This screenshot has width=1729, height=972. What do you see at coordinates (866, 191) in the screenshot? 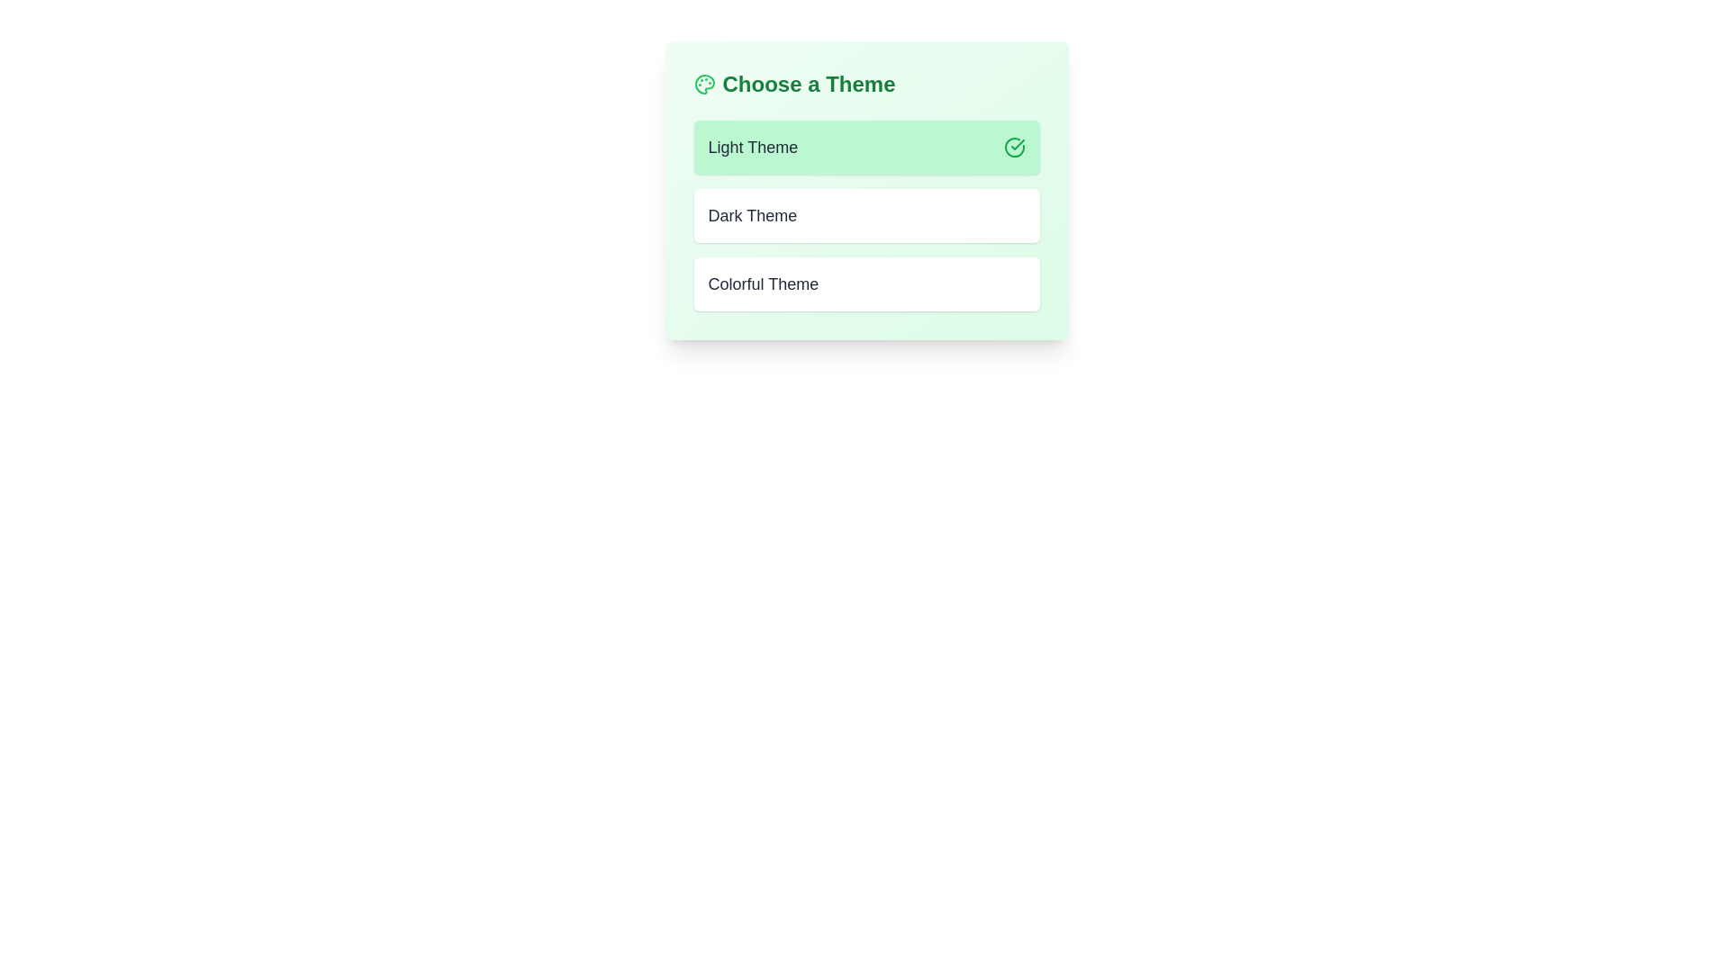
I see `the 'Dark Theme' selection option in the theme selection interface` at bounding box center [866, 191].